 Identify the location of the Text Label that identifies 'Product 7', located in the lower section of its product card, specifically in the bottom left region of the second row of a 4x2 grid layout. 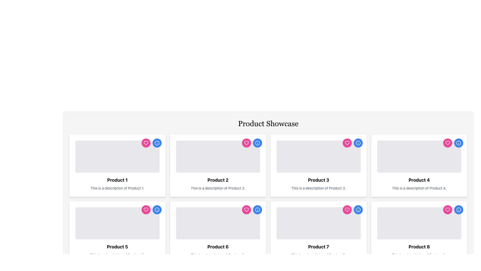
(318, 246).